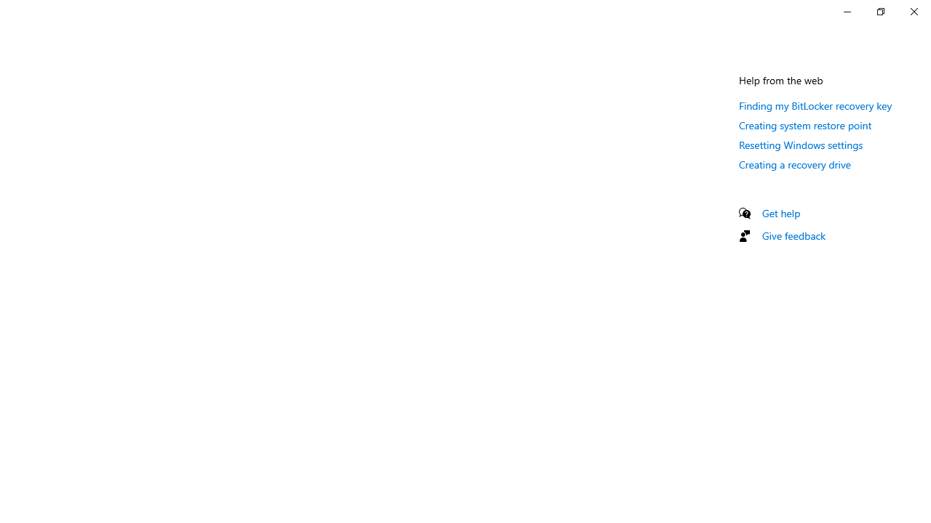 The width and height of the screenshot is (931, 523). I want to click on 'Close Settings', so click(913, 11).